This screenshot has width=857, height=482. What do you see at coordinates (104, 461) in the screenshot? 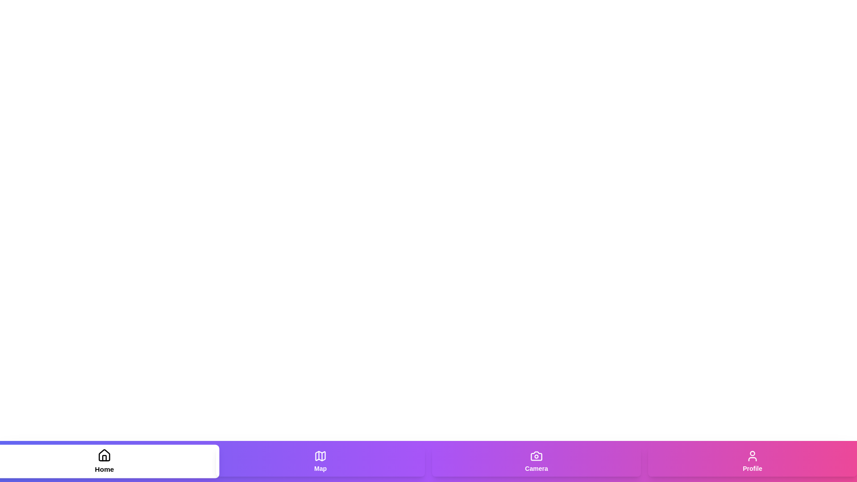
I see `the Home tab to navigate to its section` at bounding box center [104, 461].